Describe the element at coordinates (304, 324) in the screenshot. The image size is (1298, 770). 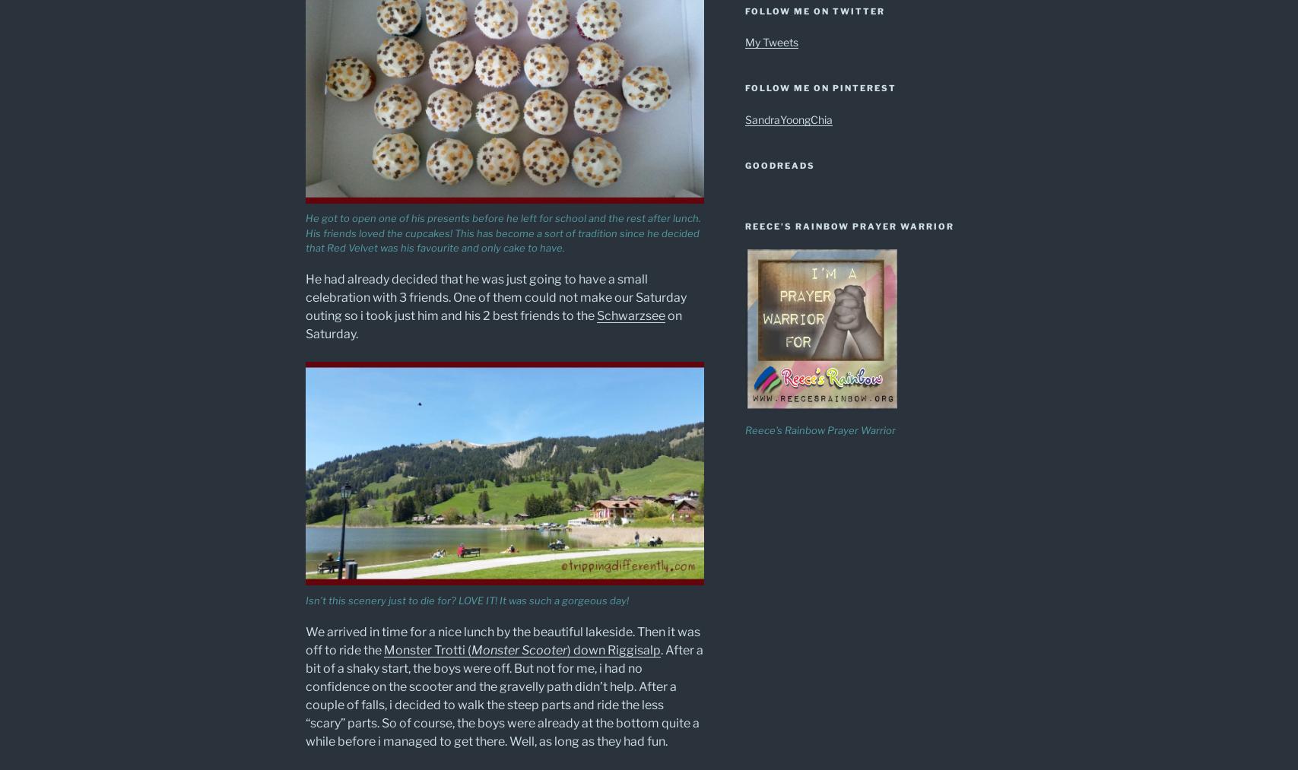
I see `'on Saturday.'` at that location.